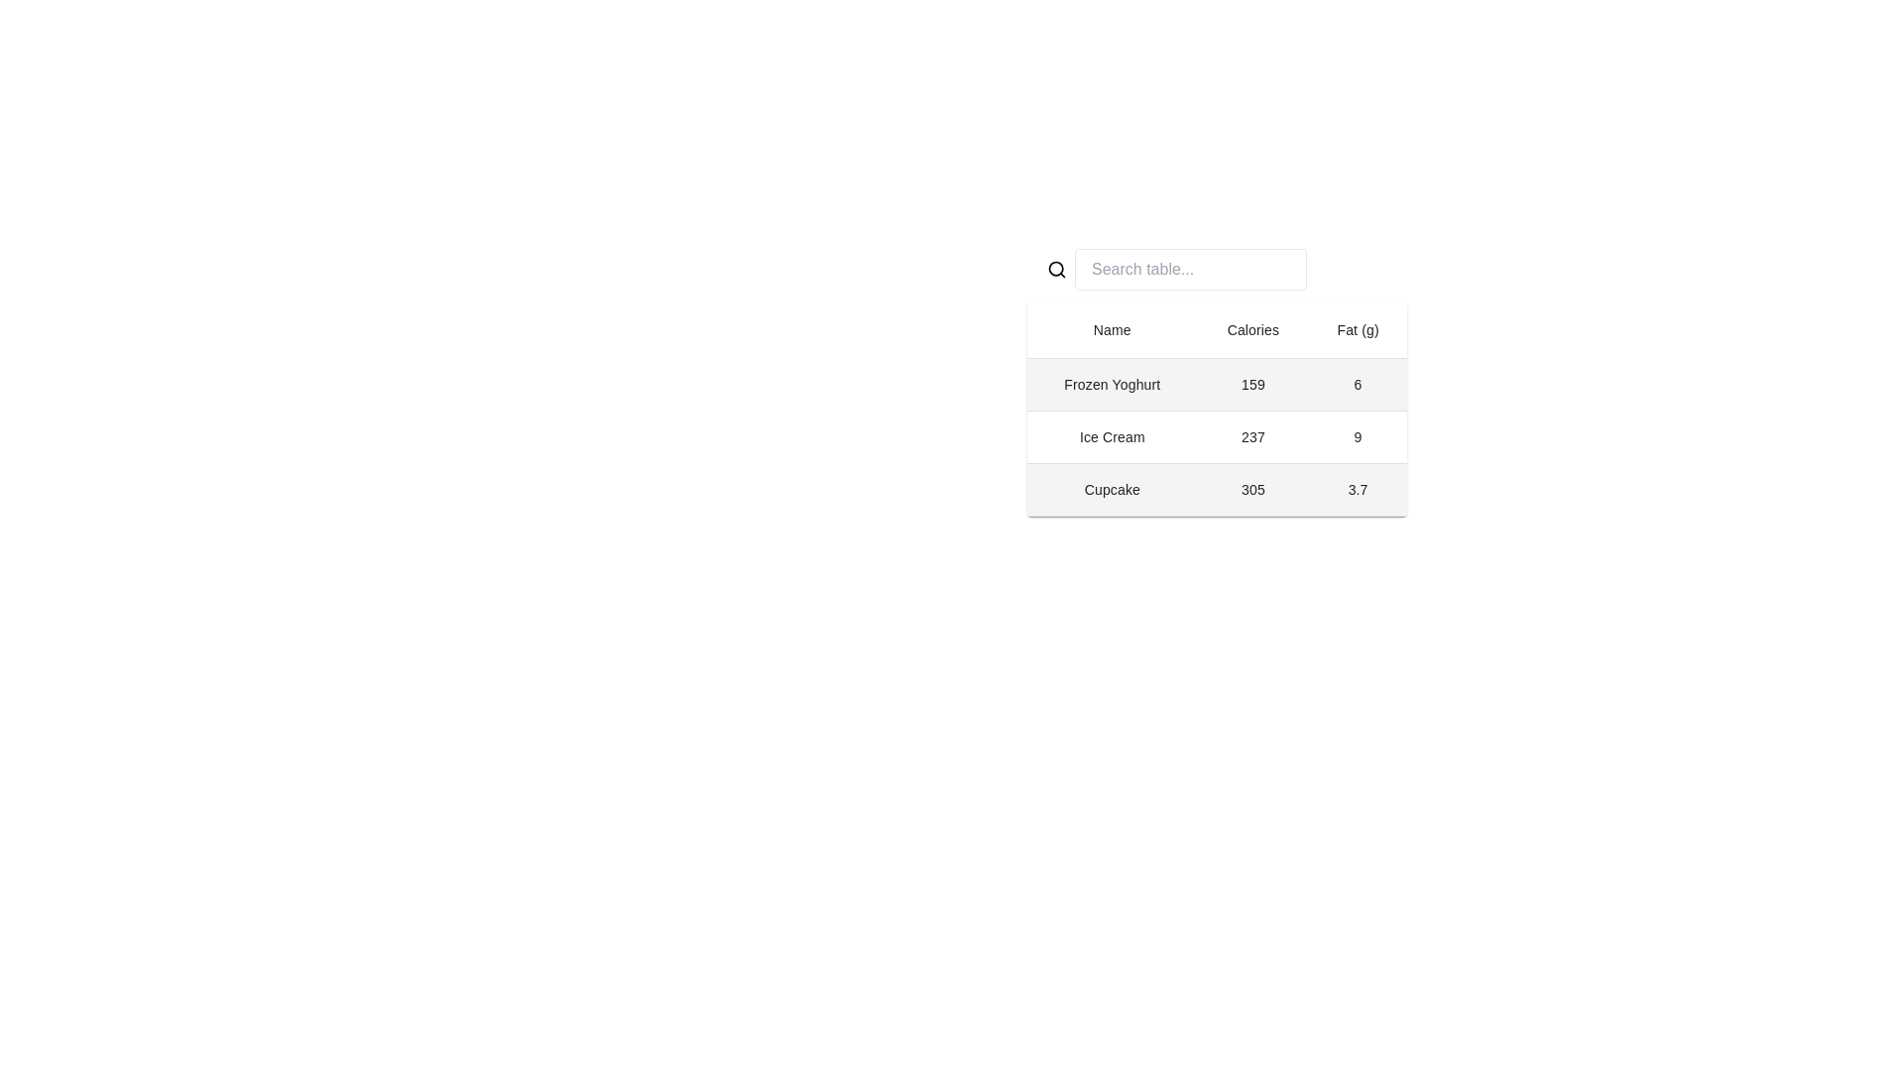  I want to click on the 'Name' column header in the table to sort the column, so click(1112, 329).